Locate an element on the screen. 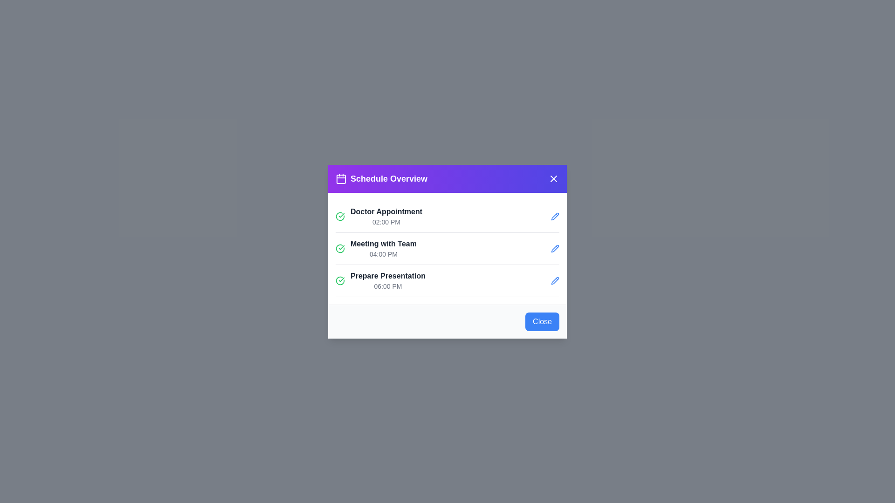 The width and height of the screenshot is (895, 503). the close button located at the far right of the 'Schedule Overview' purple header bar is located at coordinates (554, 178).